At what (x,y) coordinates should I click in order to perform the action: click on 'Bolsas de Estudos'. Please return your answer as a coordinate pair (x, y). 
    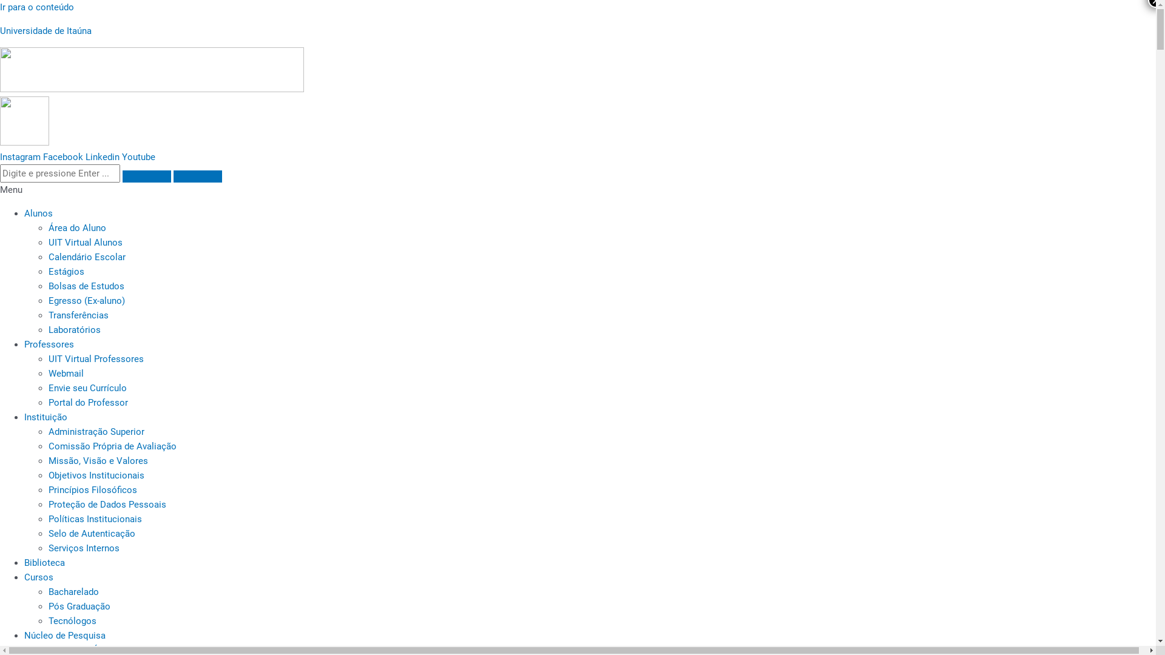
    Looking at the image, I should click on (86, 286).